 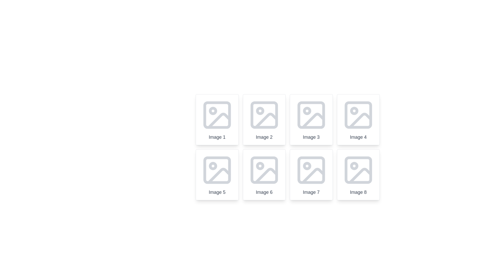 What do you see at coordinates (358, 192) in the screenshot?
I see `the text label displaying 'Image 8' which is styled in gray font and located at the bottom center of the card structure in the second row, last column of the grid` at bounding box center [358, 192].